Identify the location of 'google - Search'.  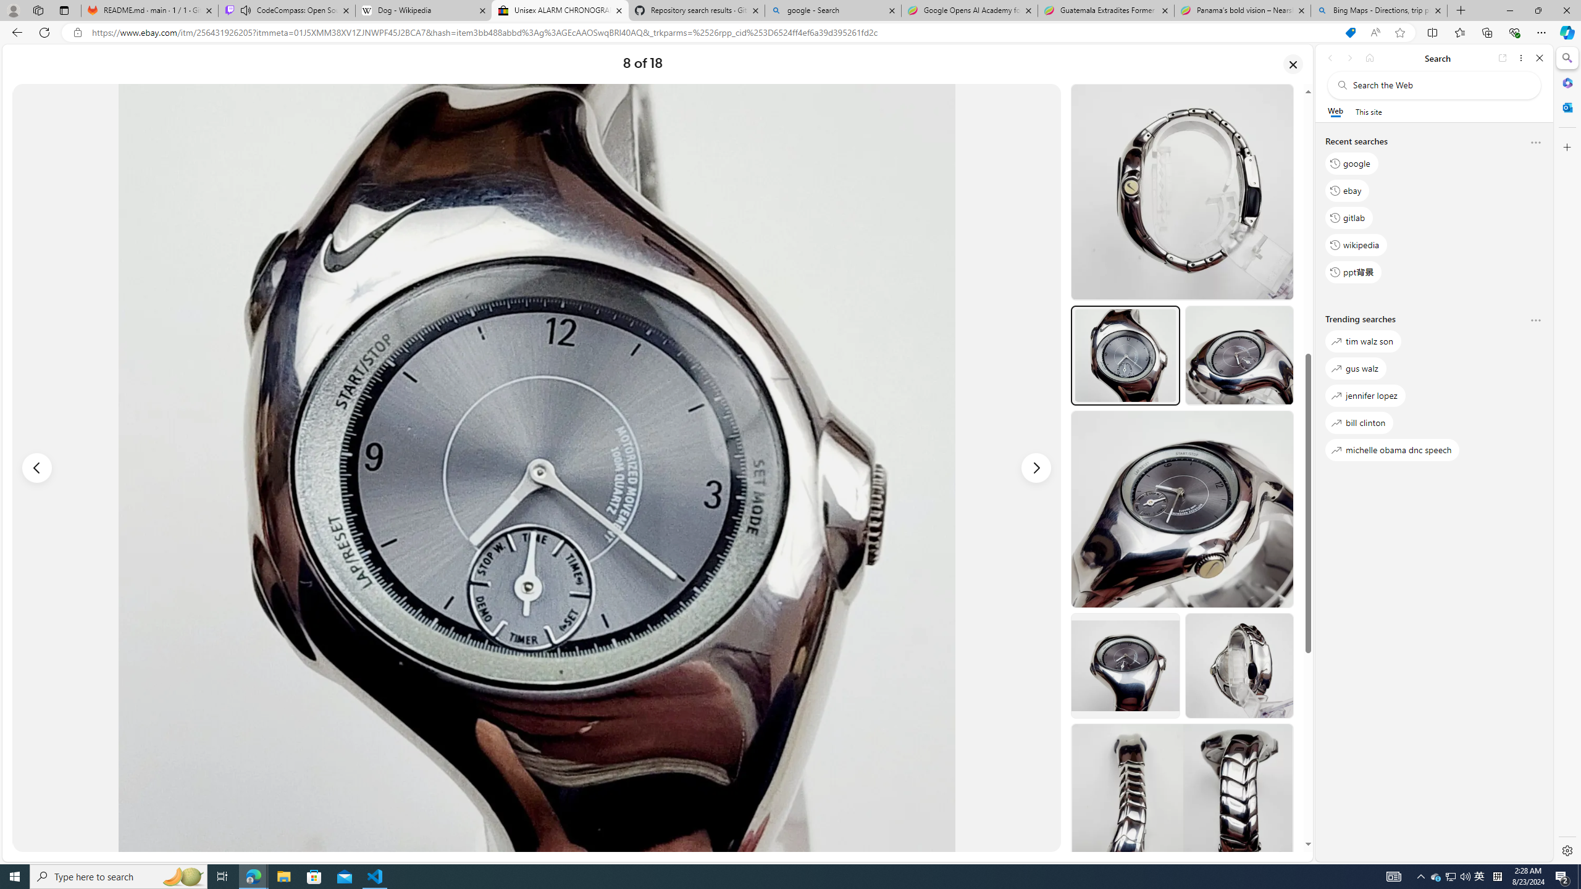
(831, 10).